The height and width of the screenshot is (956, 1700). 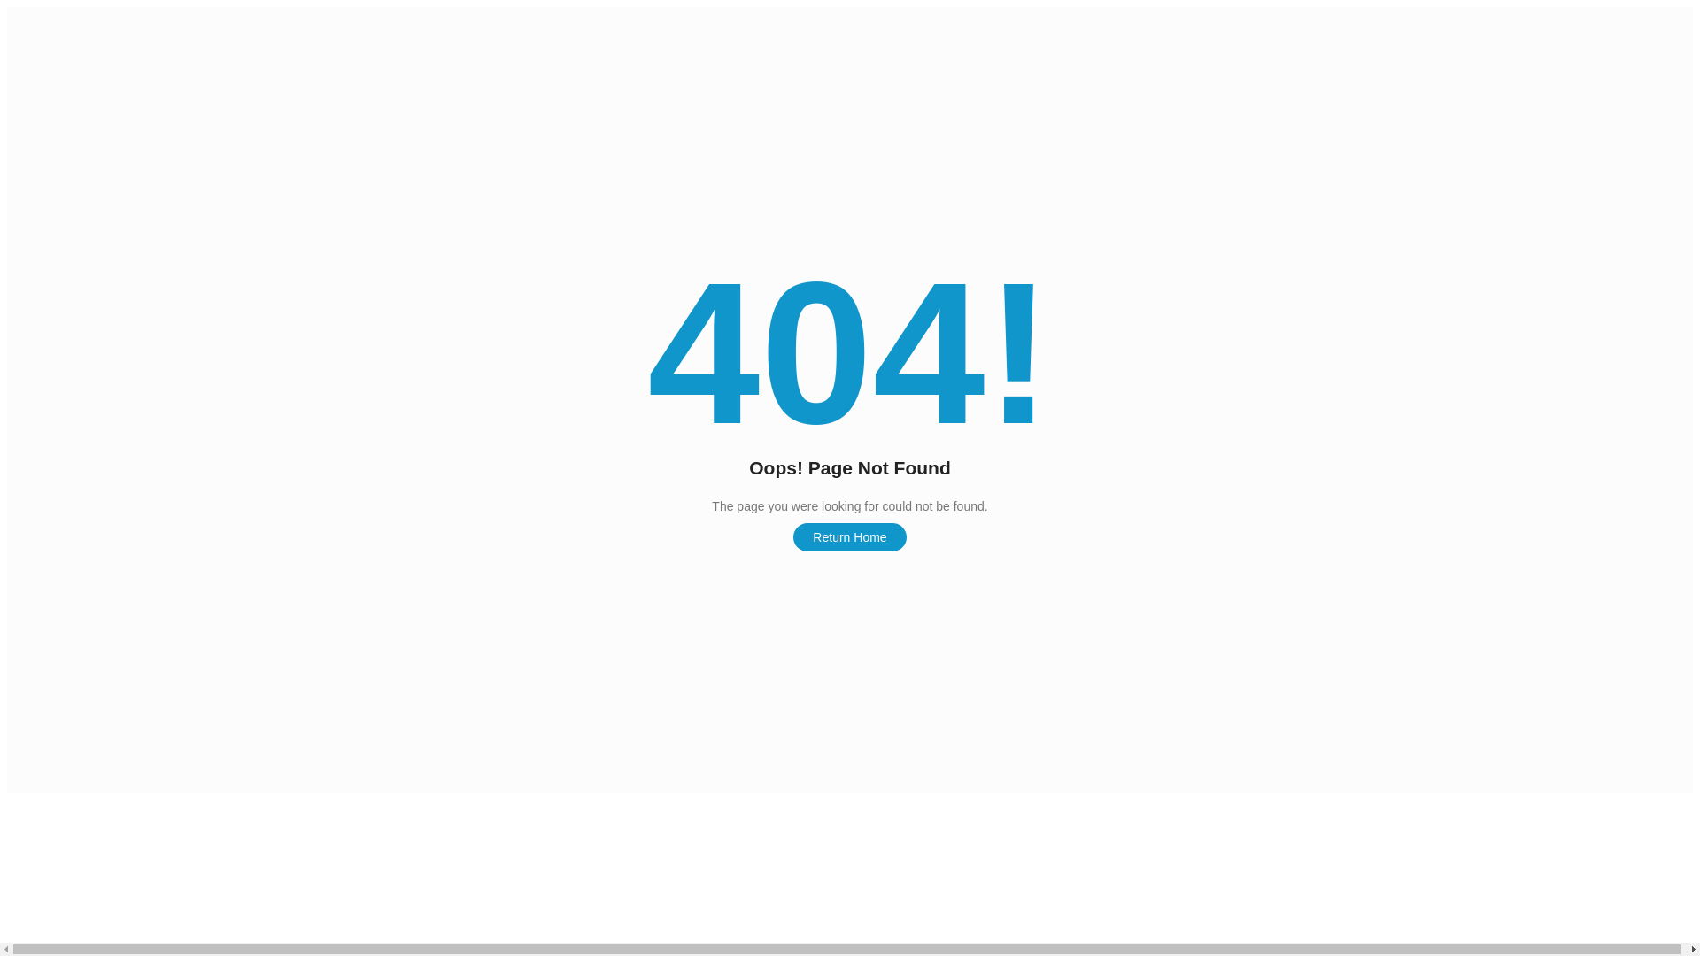 What do you see at coordinates (792, 536) in the screenshot?
I see `'Return Home'` at bounding box center [792, 536].